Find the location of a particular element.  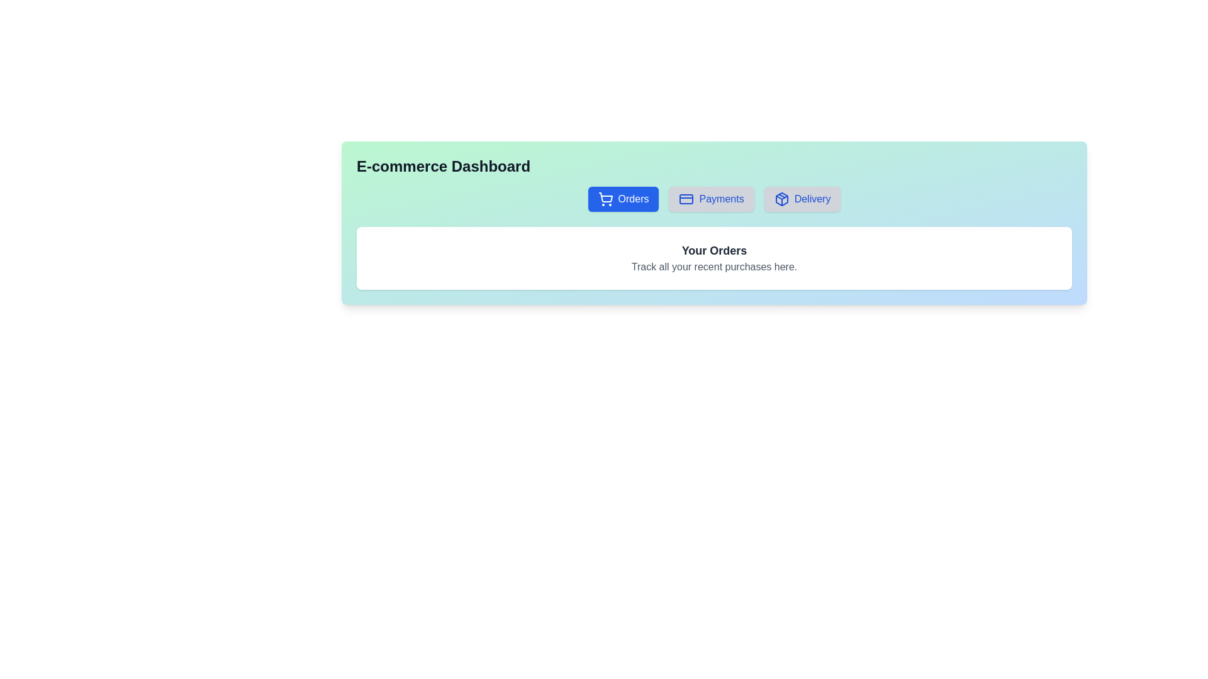

the Navigation Toolbar is located at coordinates (714, 198).